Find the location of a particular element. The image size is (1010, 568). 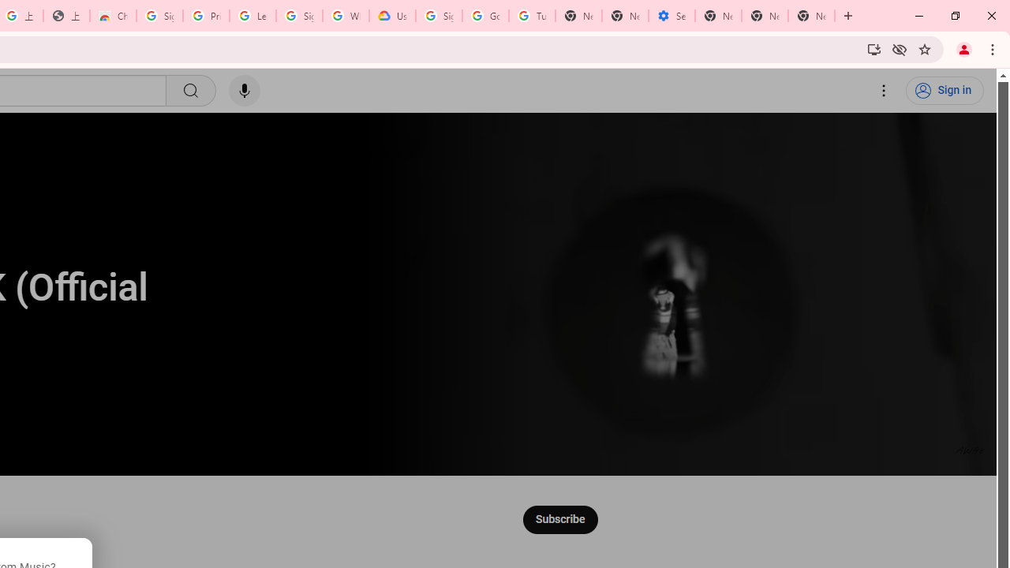

'Chrome Web Store' is located at coordinates (112, 16).